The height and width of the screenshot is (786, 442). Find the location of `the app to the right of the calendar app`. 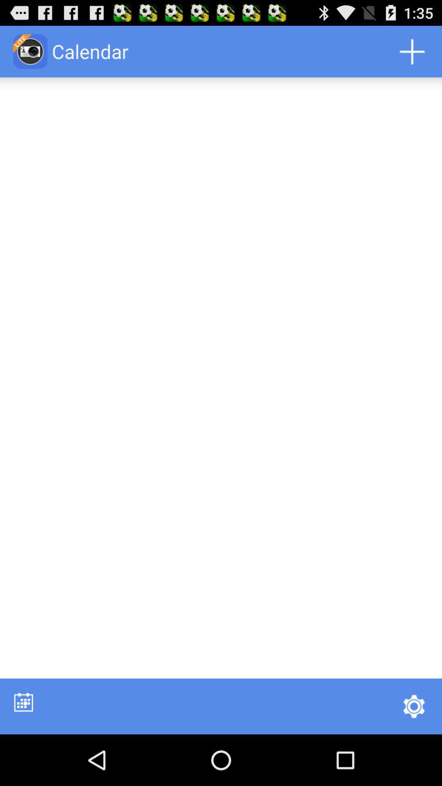

the app to the right of the calendar app is located at coordinates (412, 51).